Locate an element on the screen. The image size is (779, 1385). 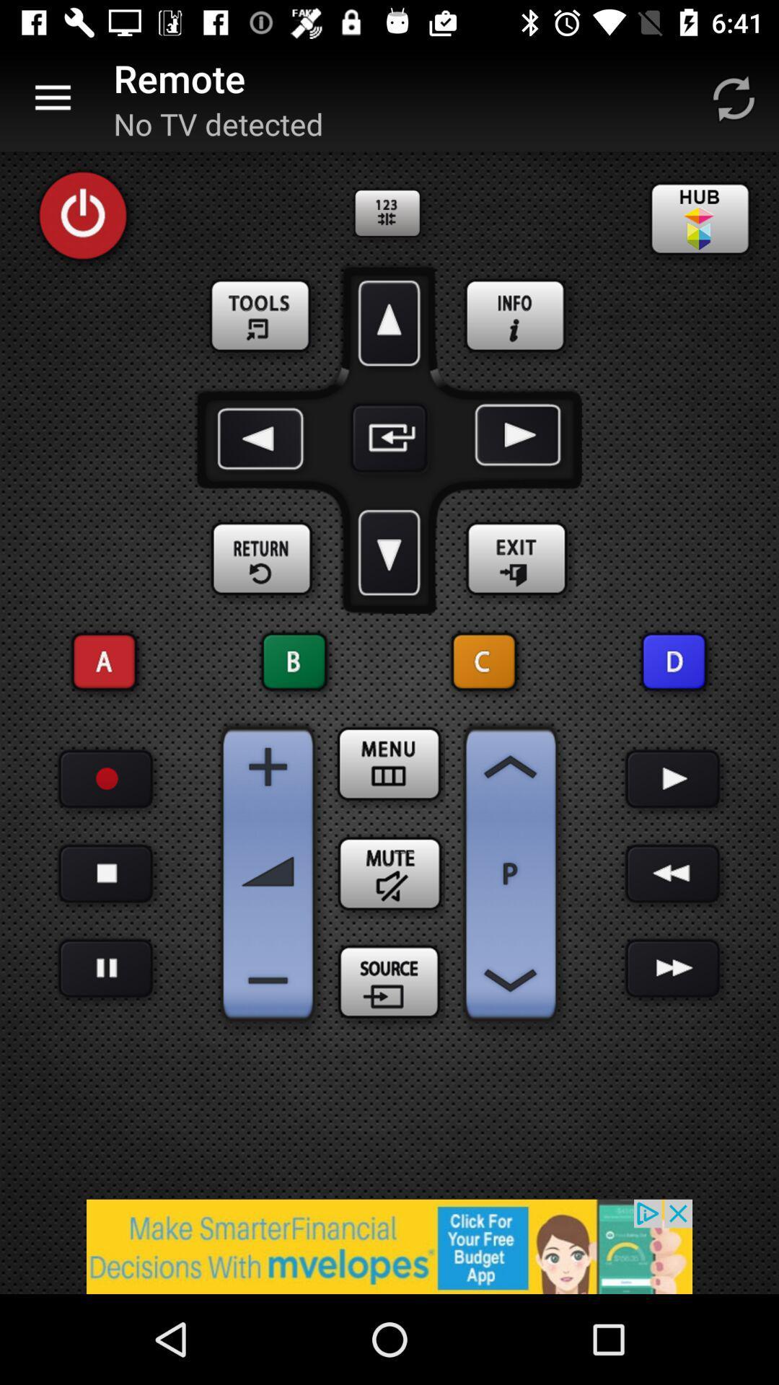
open advertisement is located at coordinates (389, 1246).